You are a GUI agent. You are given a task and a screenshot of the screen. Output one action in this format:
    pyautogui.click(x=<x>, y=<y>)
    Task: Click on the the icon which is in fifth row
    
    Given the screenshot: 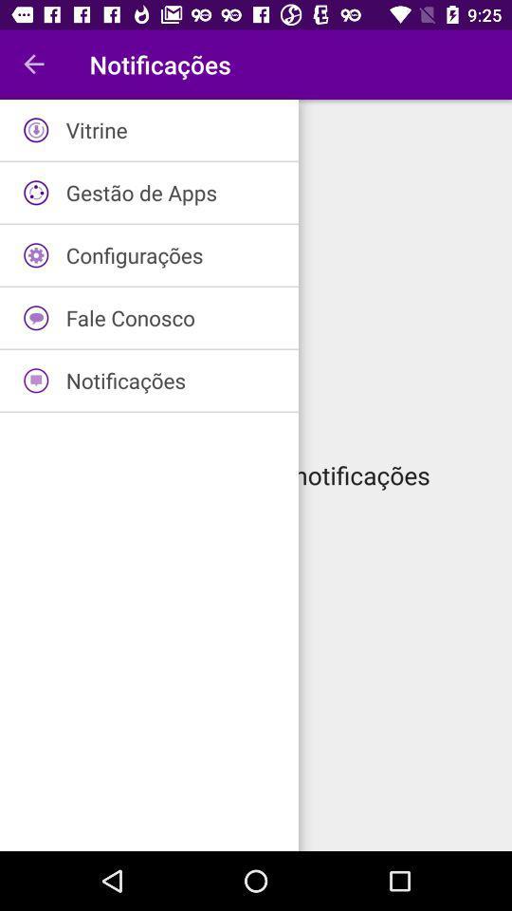 What is the action you would take?
    pyautogui.click(x=36, y=380)
    